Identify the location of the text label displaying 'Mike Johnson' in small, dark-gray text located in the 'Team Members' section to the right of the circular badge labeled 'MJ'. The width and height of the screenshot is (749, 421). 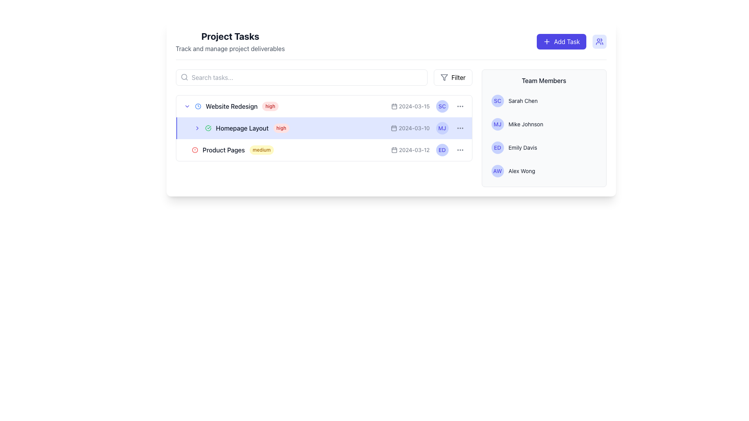
(526, 124).